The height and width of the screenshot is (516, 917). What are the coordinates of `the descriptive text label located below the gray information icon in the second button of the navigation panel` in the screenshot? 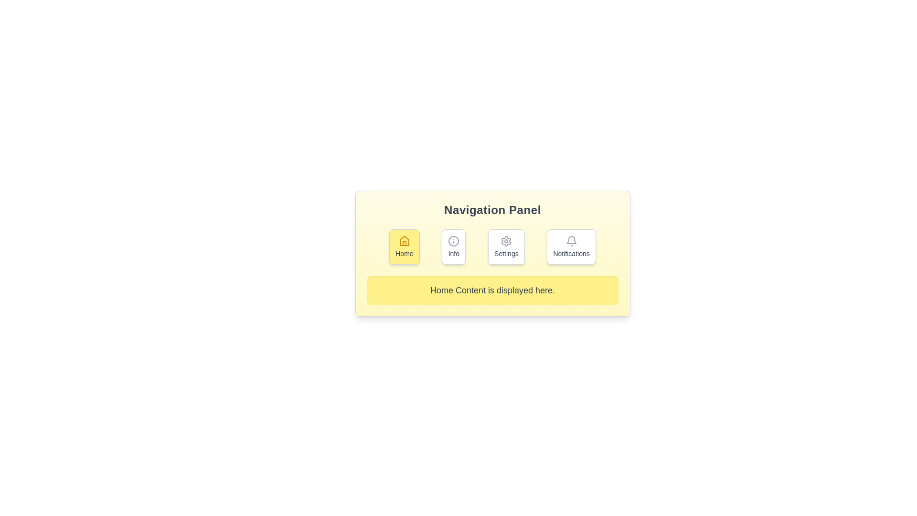 It's located at (453, 253).